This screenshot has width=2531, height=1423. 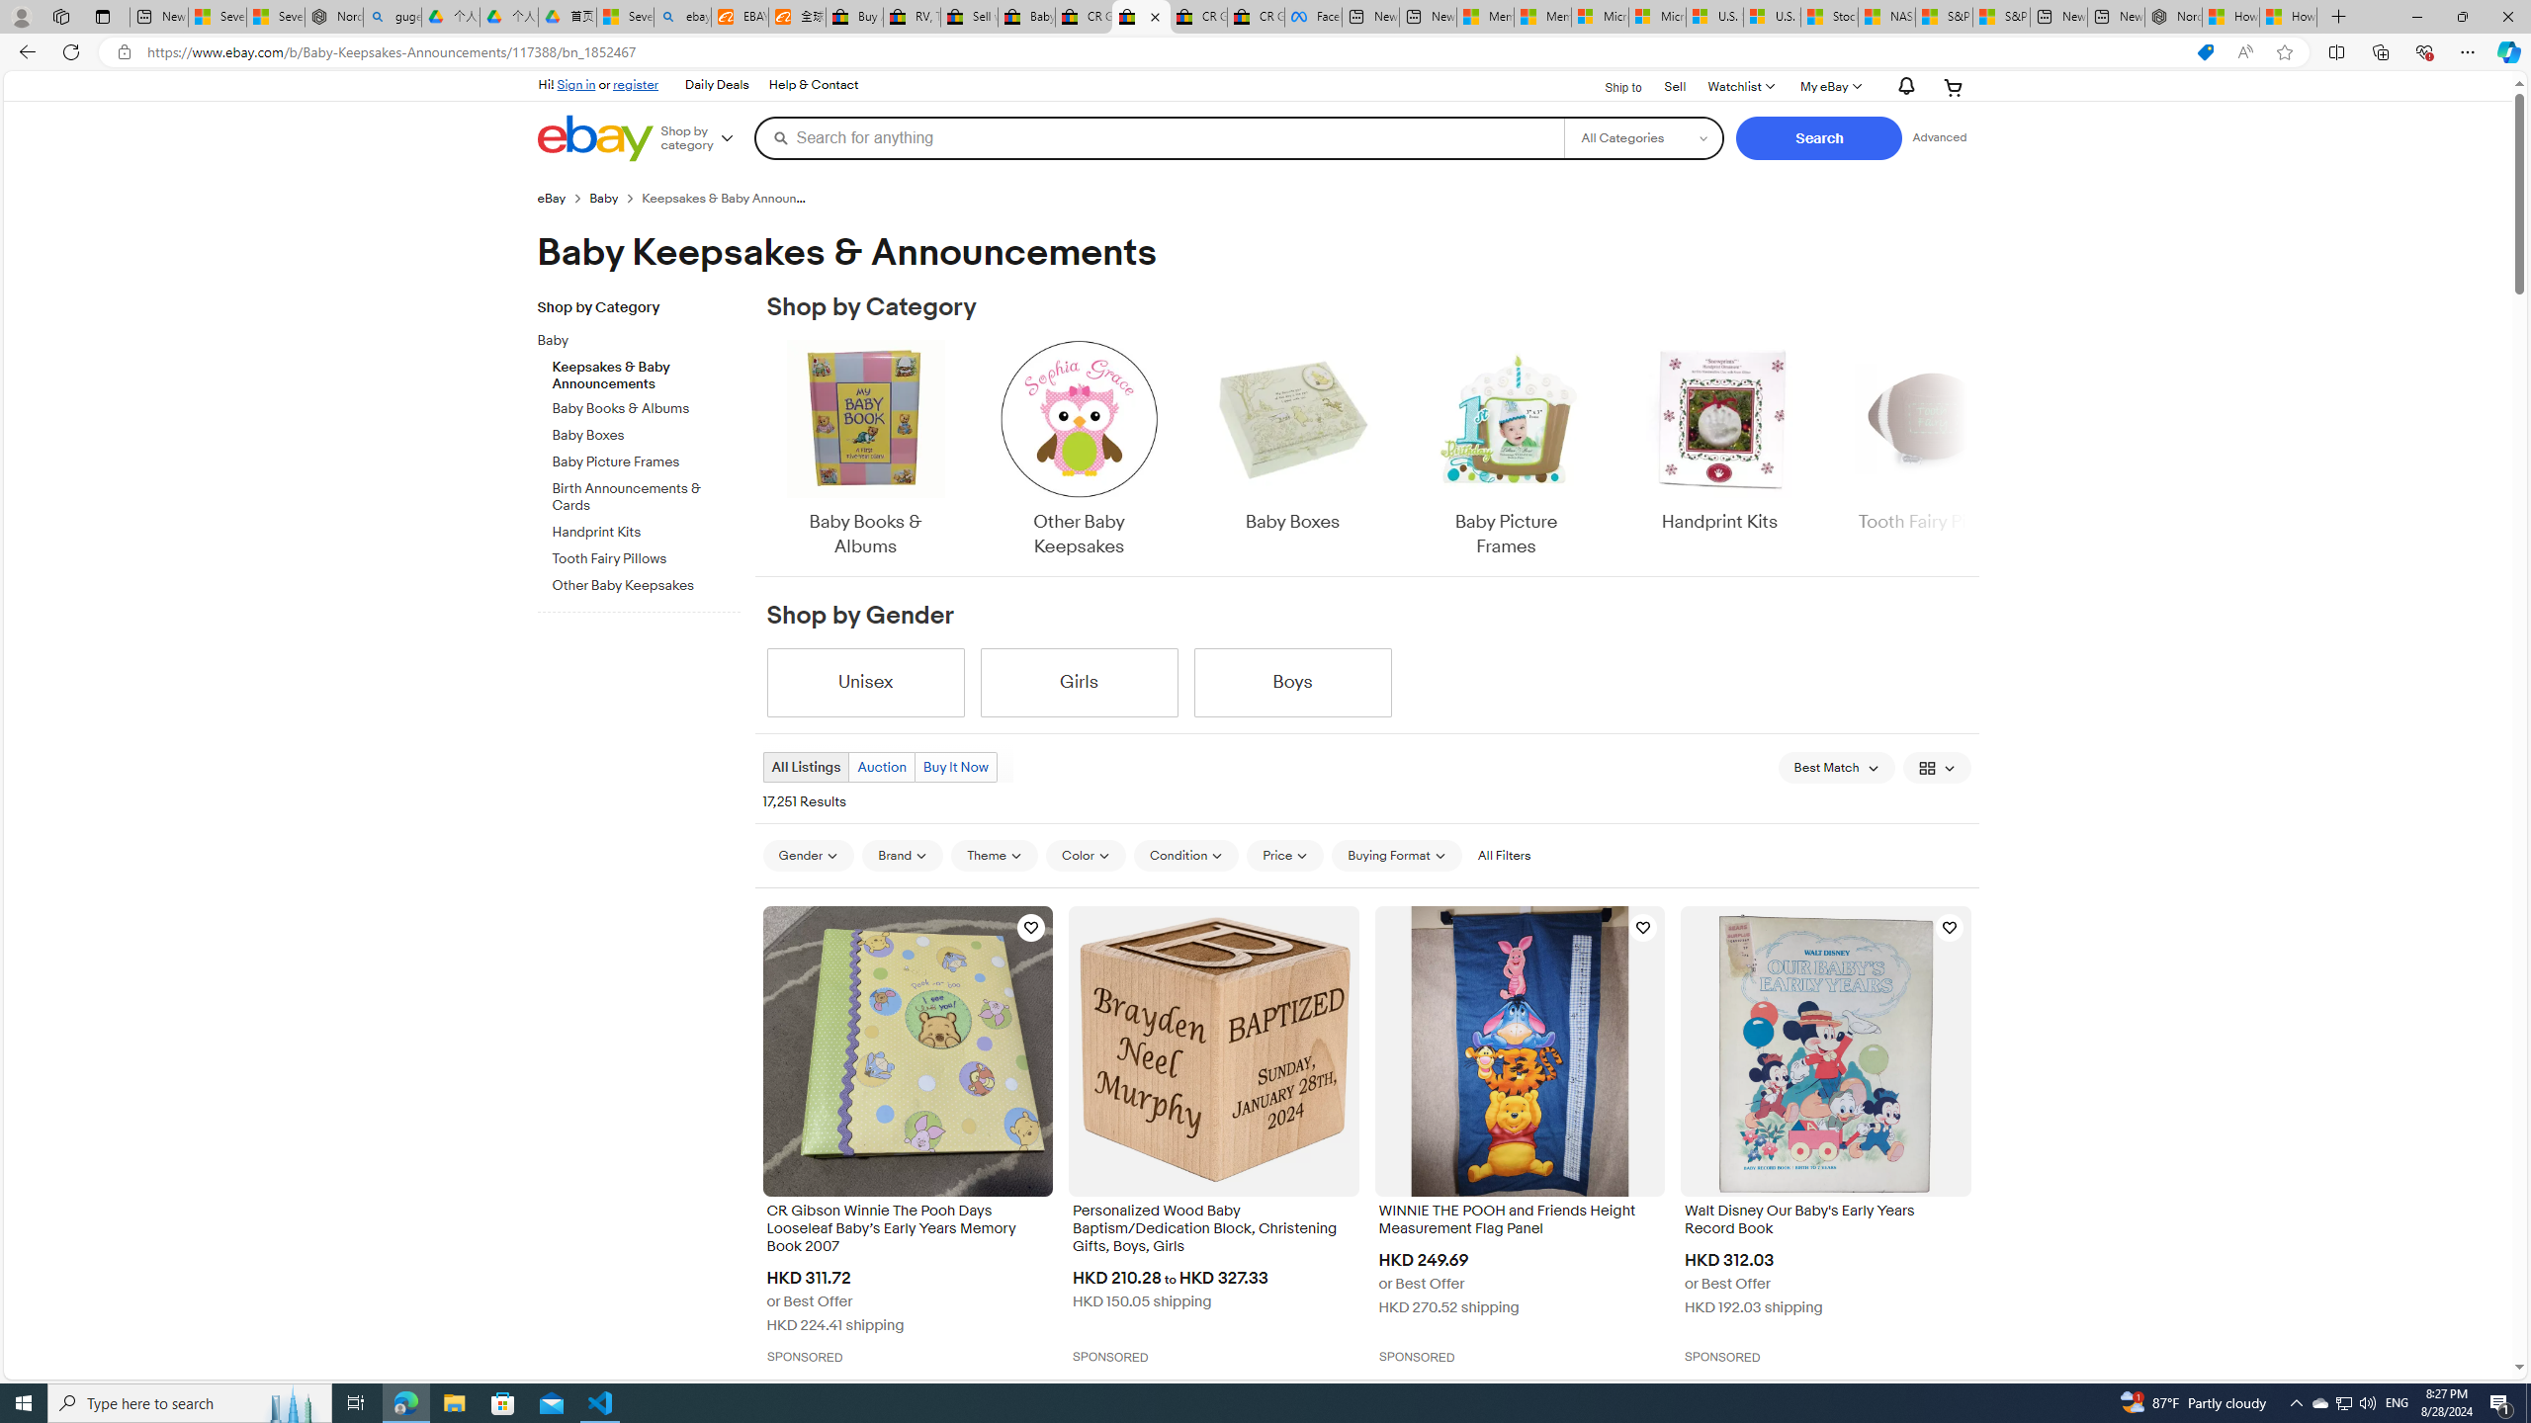 I want to click on 'My eBayExpand My eBay', so click(x=1829, y=86).